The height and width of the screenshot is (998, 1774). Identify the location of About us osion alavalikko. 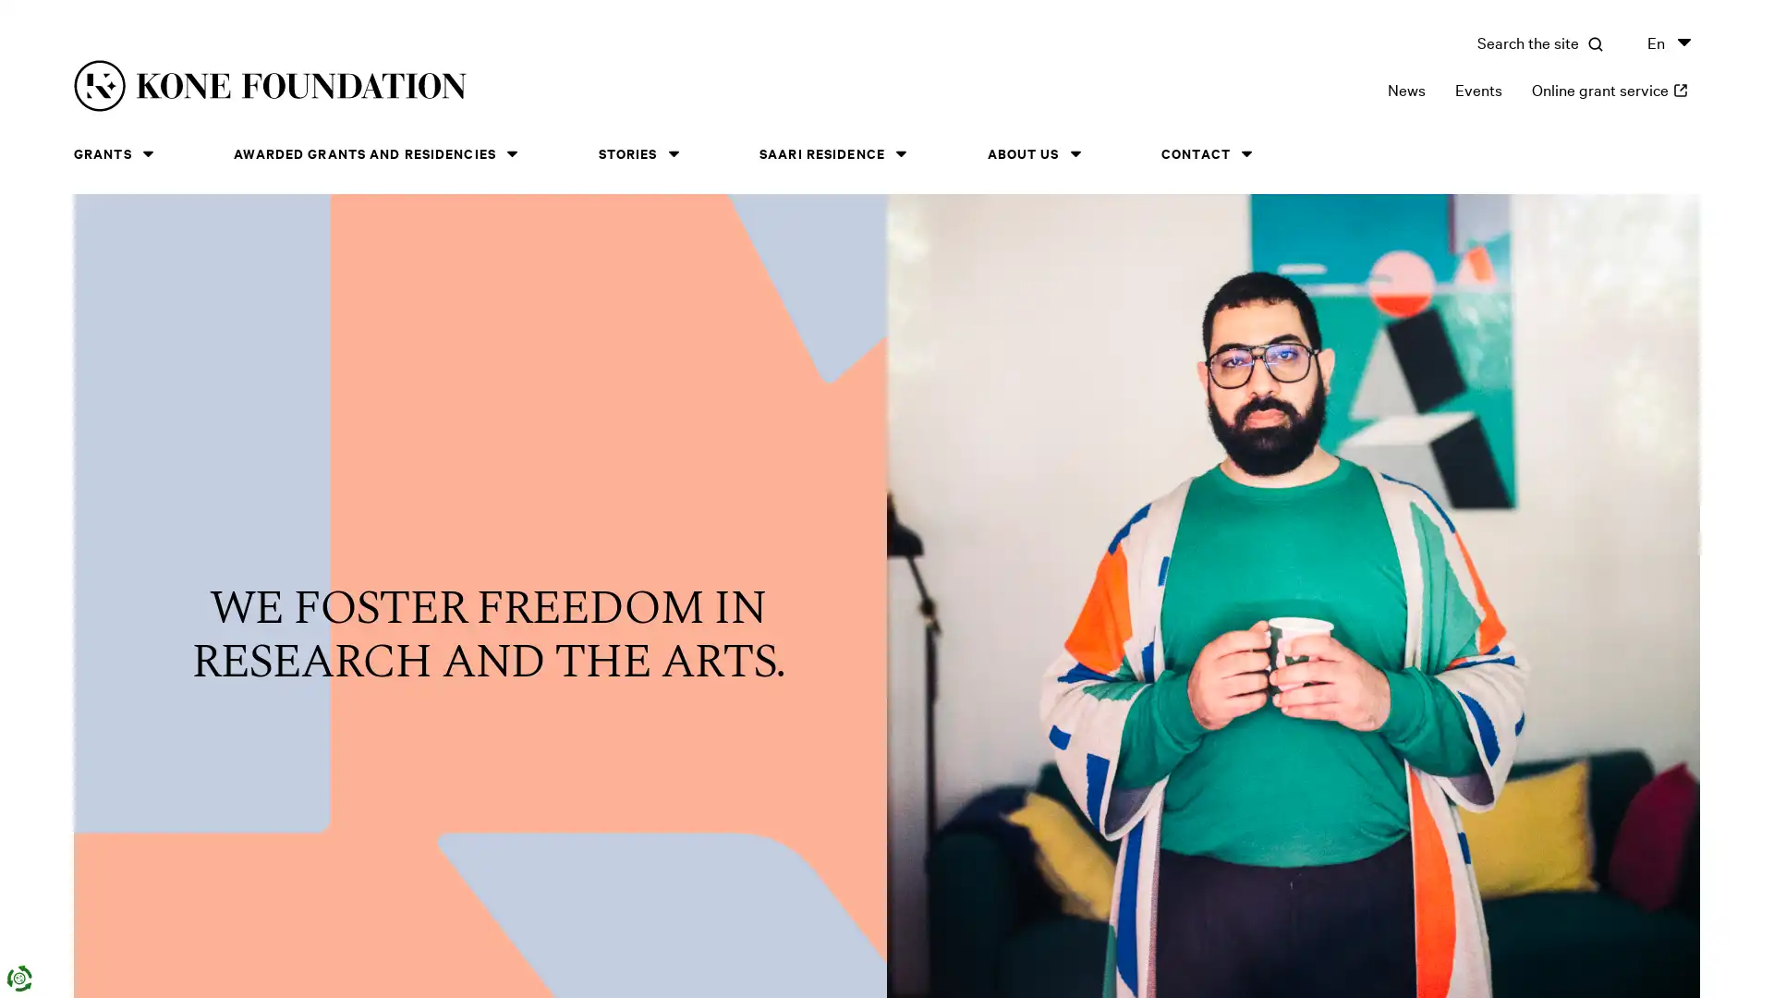
(1075, 152).